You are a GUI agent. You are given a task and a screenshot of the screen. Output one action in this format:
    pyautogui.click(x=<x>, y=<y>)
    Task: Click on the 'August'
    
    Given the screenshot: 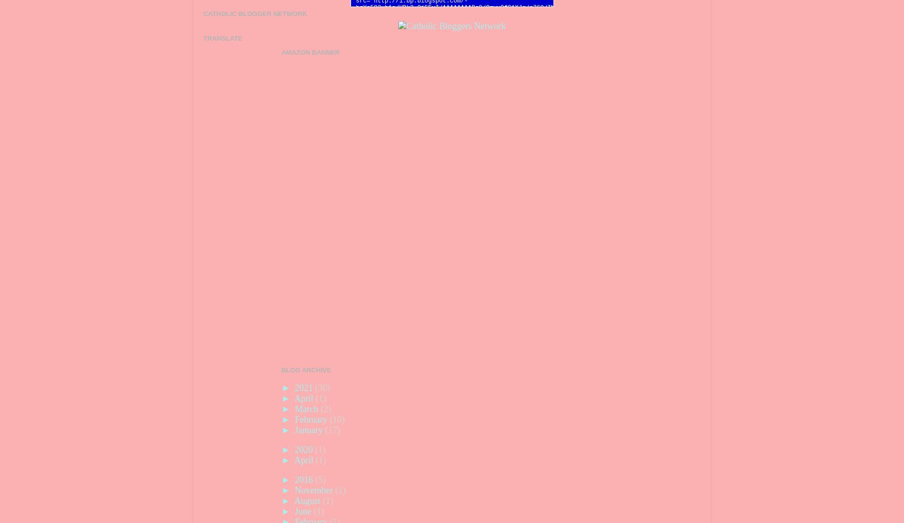 What is the action you would take?
    pyautogui.click(x=308, y=501)
    